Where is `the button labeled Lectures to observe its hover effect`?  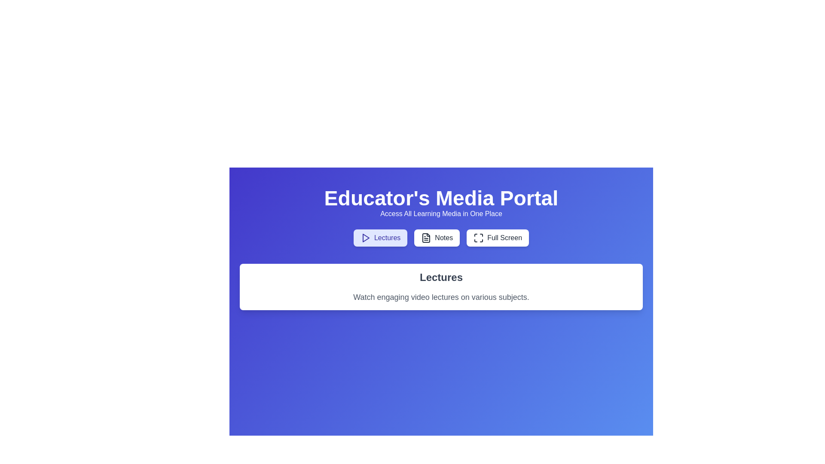
the button labeled Lectures to observe its hover effect is located at coordinates (380, 238).